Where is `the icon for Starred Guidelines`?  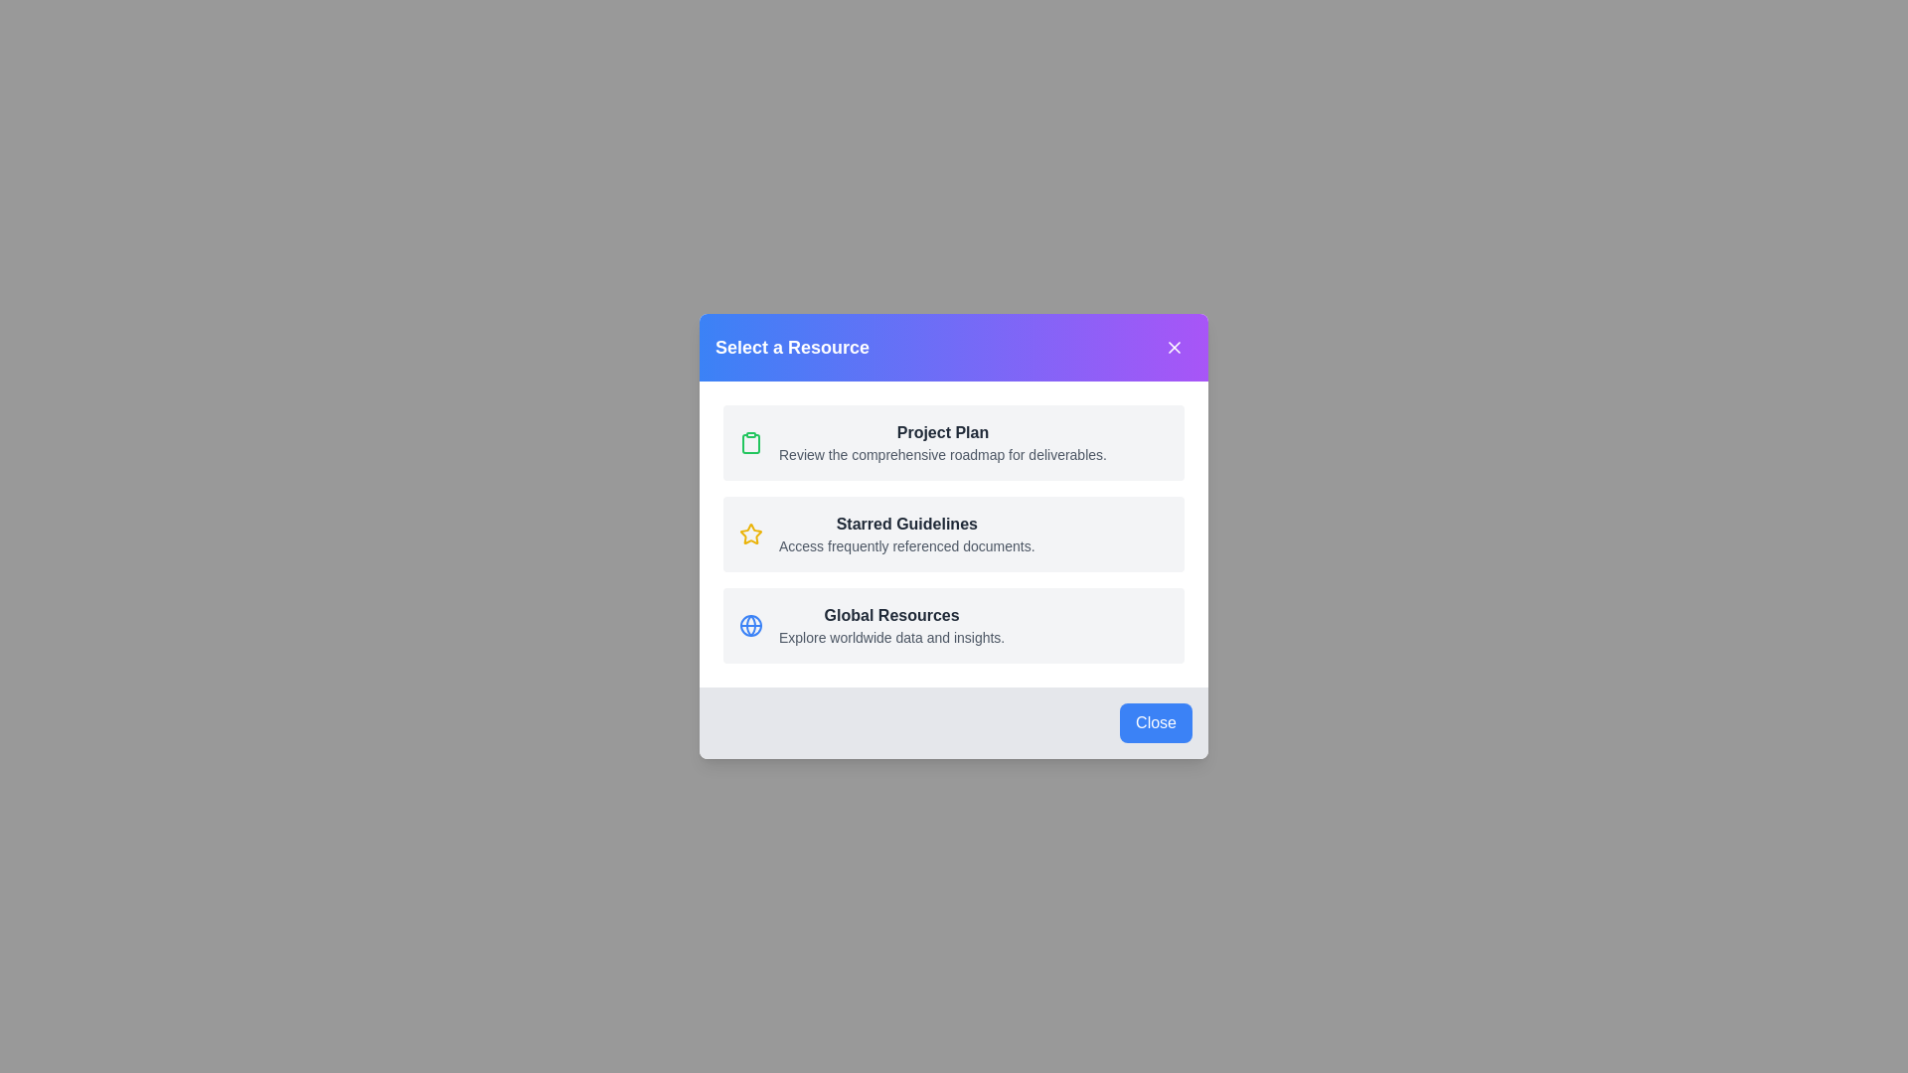 the icon for Starred Guidelines is located at coordinates (749, 533).